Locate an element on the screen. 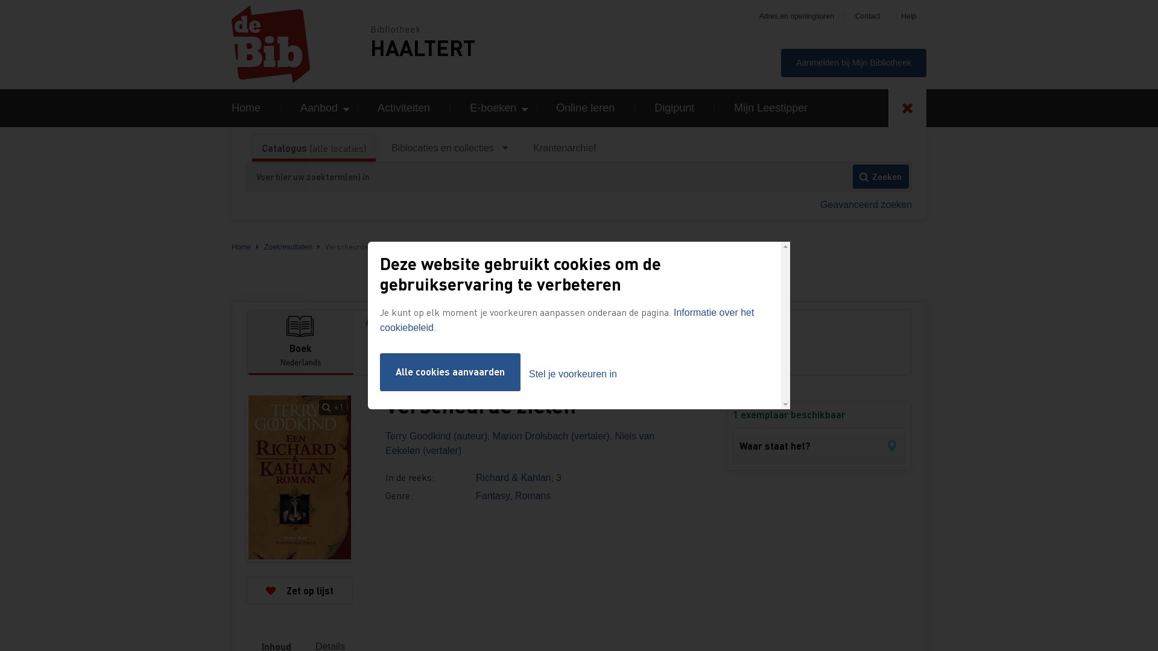  'Toggle search' is located at coordinates (907, 107).